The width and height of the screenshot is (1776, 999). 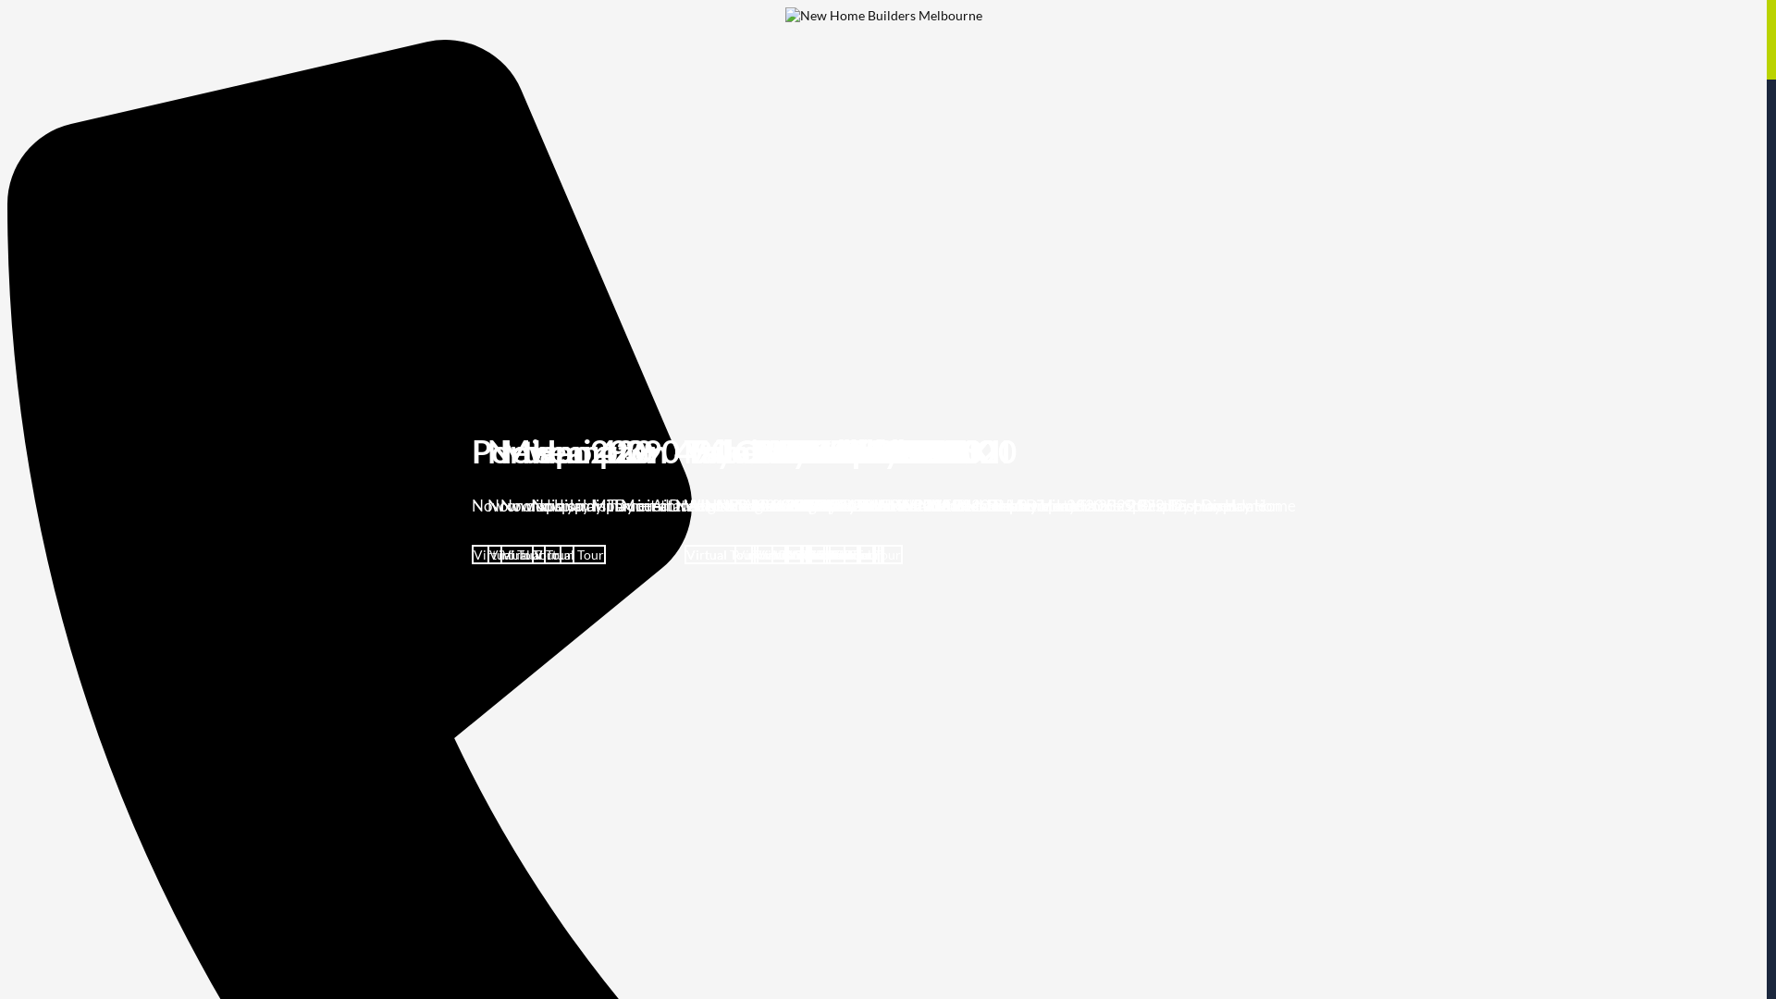 I want to click on 'Virtual Tour', so click(x=828, y=553).